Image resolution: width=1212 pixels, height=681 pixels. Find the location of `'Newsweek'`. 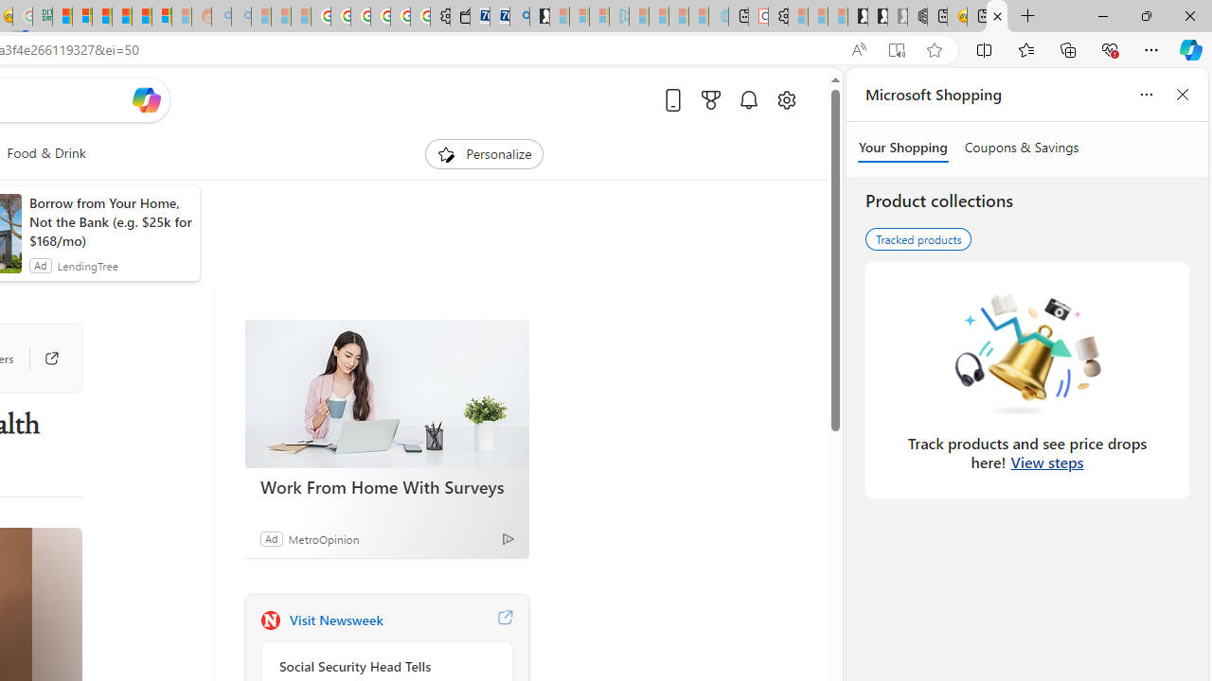

'Newsweek' is located at coordinates (269, 620).